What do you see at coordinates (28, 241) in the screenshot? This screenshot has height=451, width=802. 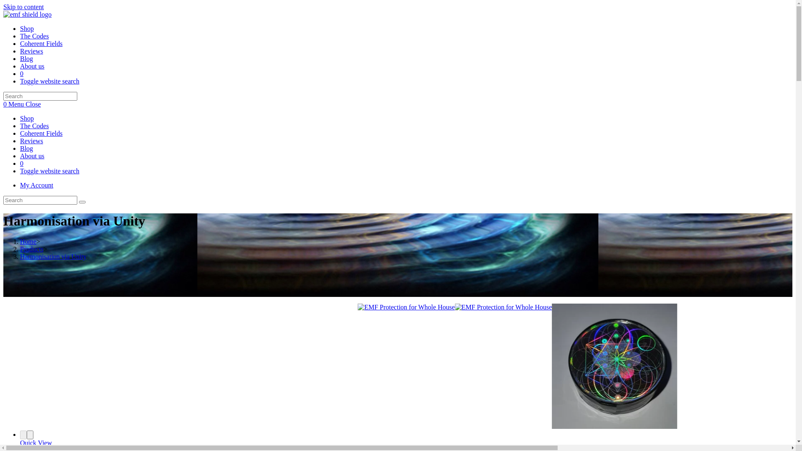 I see `'Home'` at bounding box center [28, 241].